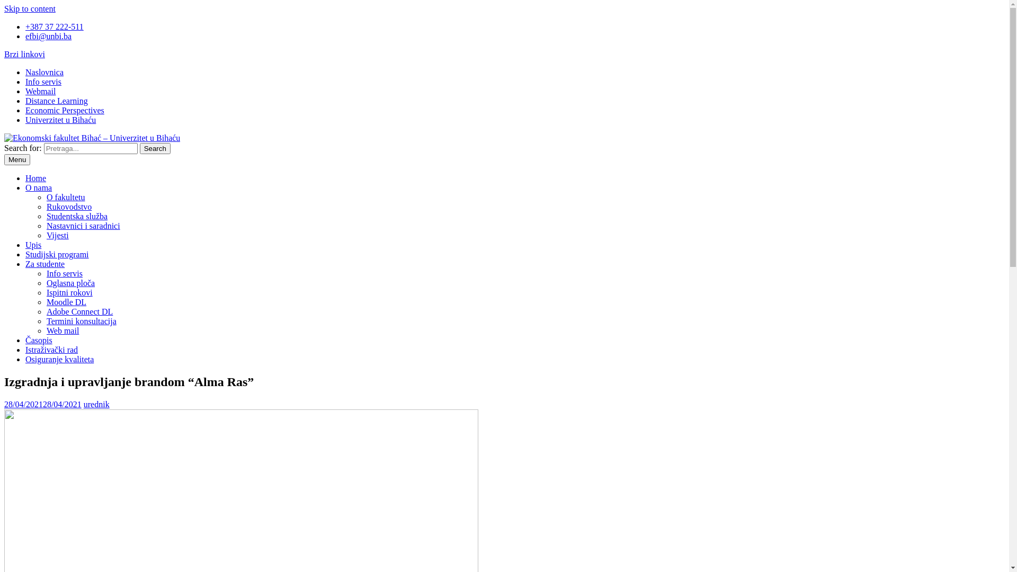 This screenshot has height=572, width=1017. Describe the element at coordinates (79, 311) in the screenshot. I see `'Adobe Connect DL'` at that location.